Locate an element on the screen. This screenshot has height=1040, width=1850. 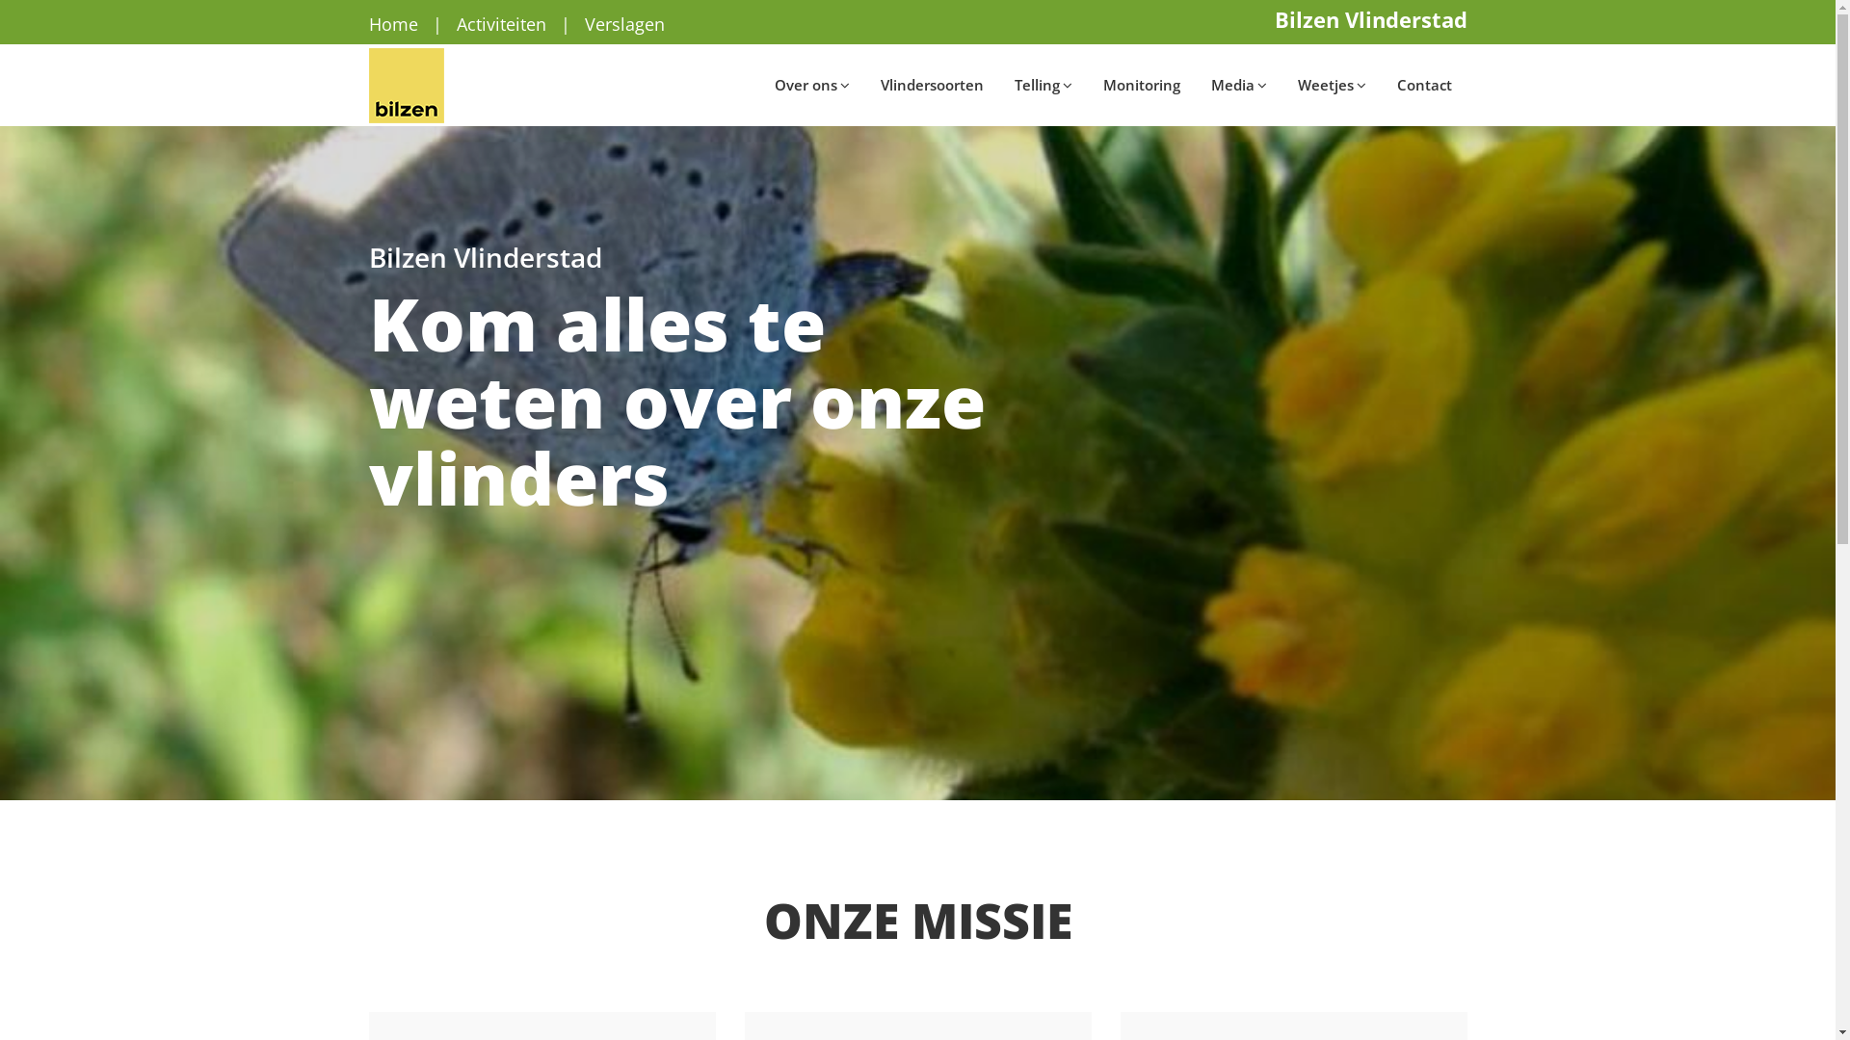
'Verslagen' is located at coordinates (582, 23).